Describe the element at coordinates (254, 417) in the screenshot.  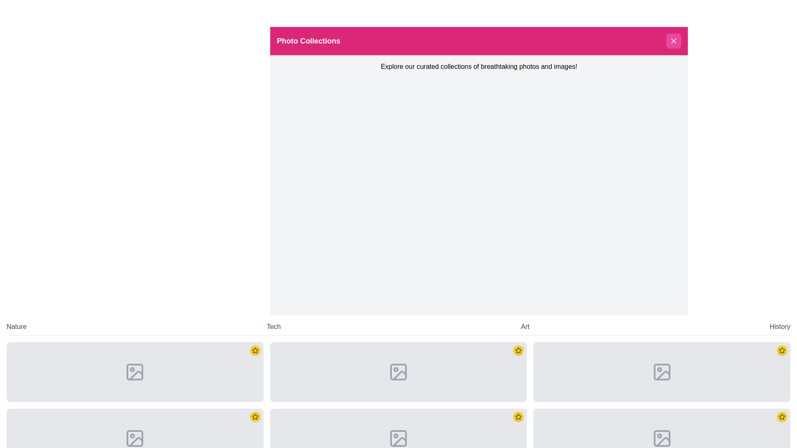
I see `the star icon with a yellow fill and gray border located in the top-right corner of the second card in the grid of image cards` at that location.